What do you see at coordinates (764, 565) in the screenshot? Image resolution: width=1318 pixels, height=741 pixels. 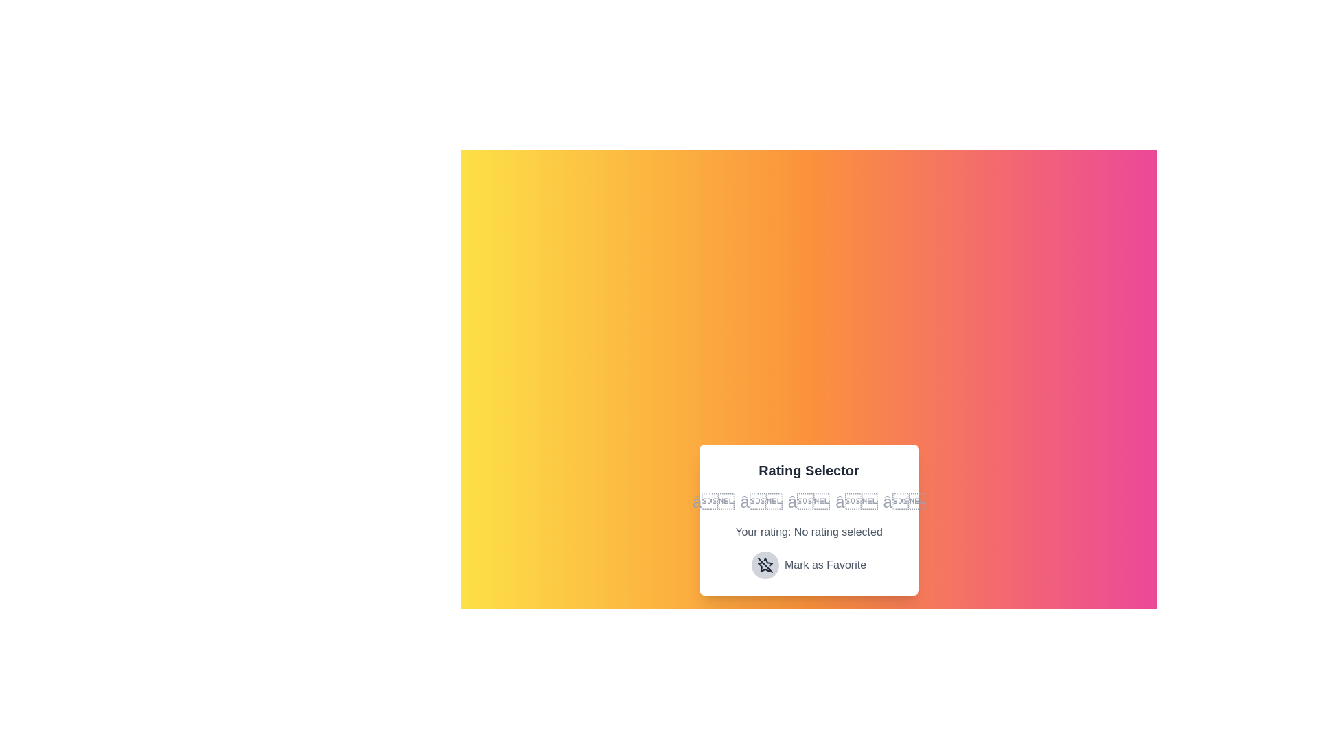 I see `the inactive star-shaped button with a light gray background and black outline, located to the left of 'Mark as Favorite', to mark it as a favorite` at bounding box center [764, 565].